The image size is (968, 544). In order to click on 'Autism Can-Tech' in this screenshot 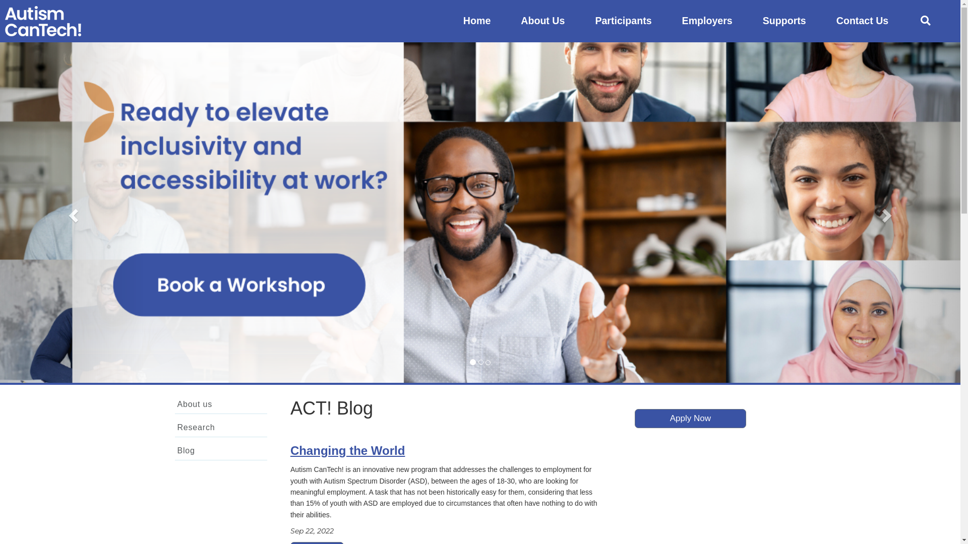, I will do `click(42, 21)`.